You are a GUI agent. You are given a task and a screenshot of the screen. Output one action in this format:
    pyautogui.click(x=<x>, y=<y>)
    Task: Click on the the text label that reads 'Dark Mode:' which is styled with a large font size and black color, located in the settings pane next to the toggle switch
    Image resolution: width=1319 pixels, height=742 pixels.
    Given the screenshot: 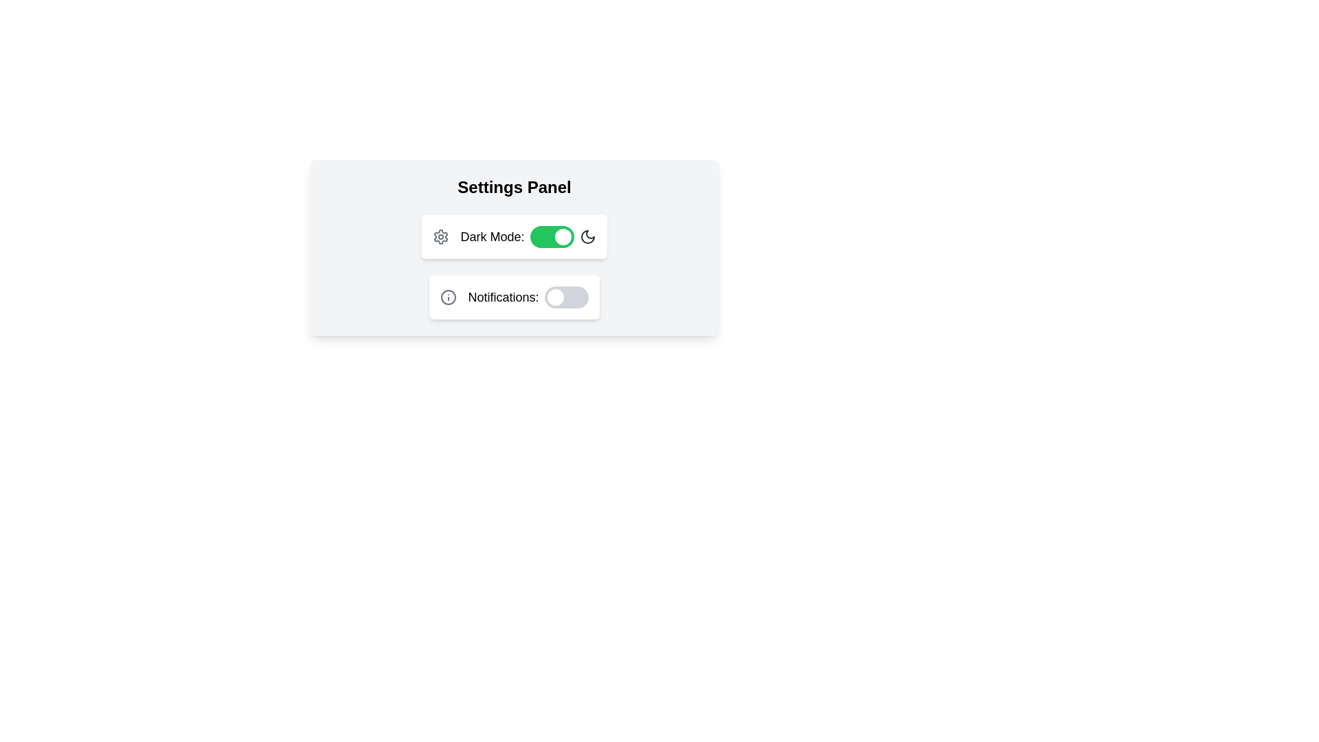 What is the action you would take?
    pyautogui.click(x=492, y=236)
    